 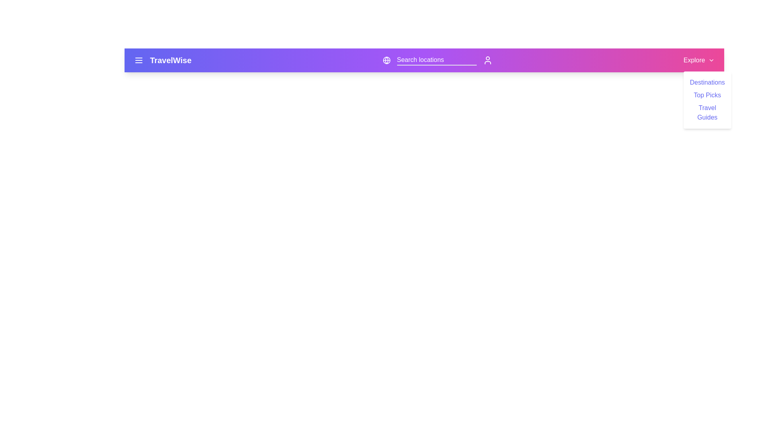 I want to click on the 'Top Picks' option in the dropdown menu, so click(x=707, y=95).